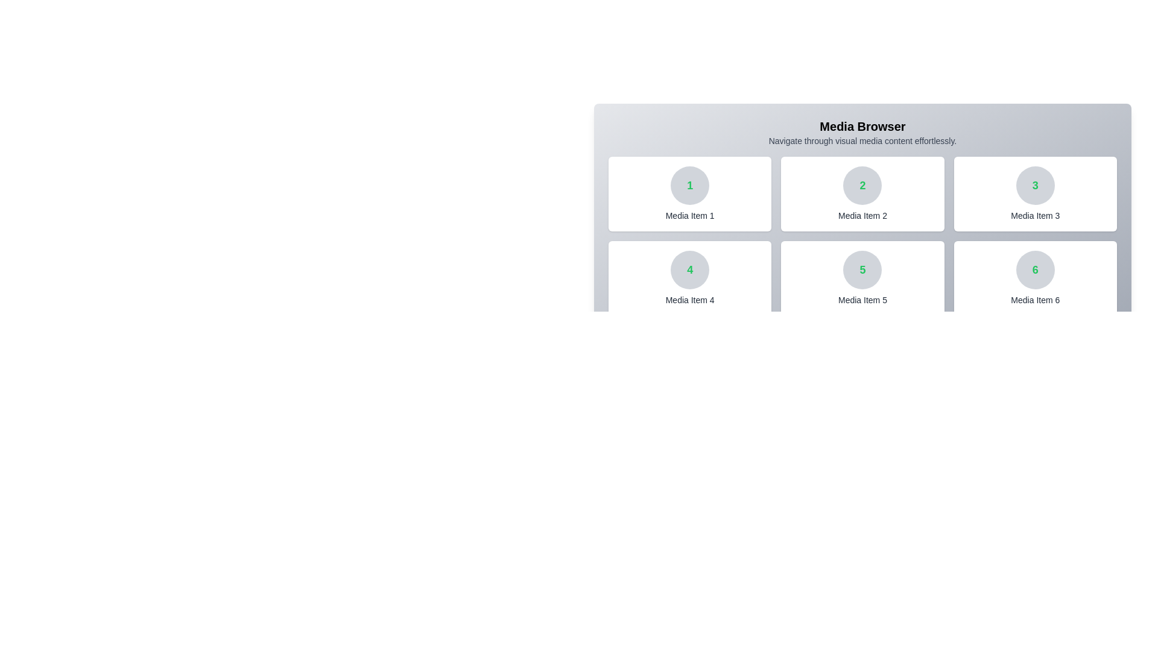 This screenshot has height=651, width=1158. What do you see at coordinates (862, 278) in the screenshot?
I see `the fifth media item card in the second row of the grid layout to view detailed content` at bounding box center [862, 278].